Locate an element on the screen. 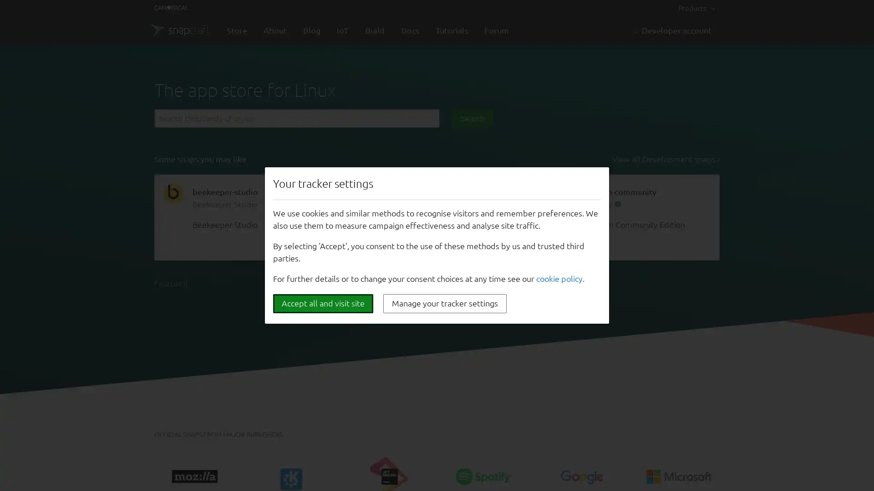 The height and width of the screenshot is (491, 874). Search is located at coordinates (473, 118).